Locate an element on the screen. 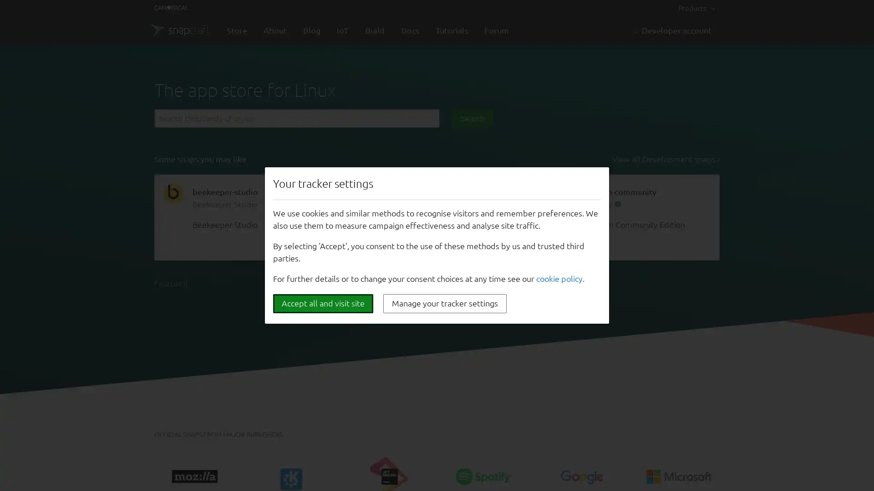 The height and width of the screenshot is (491, 874). Search is located at coordinates (473, 118).